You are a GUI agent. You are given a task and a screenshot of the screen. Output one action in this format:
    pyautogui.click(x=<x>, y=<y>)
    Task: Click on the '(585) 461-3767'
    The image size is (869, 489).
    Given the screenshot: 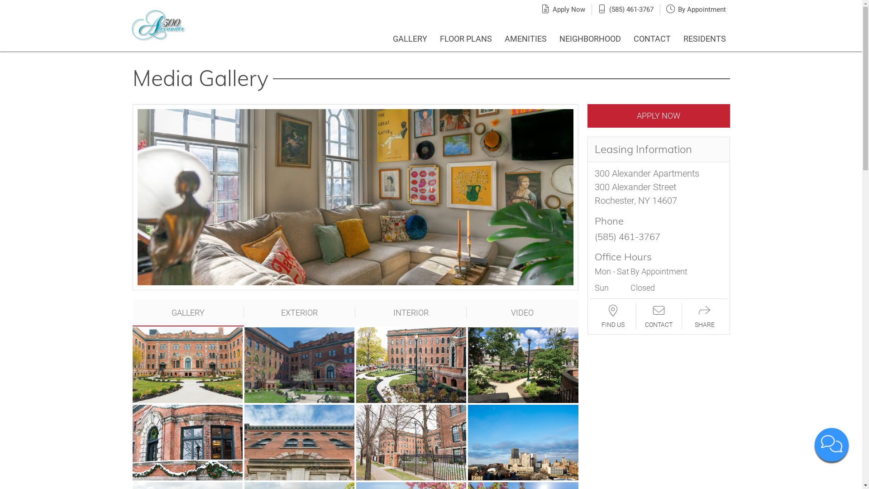 What is the action you would take?
    pyautogui.click(x=631, y=9)
    